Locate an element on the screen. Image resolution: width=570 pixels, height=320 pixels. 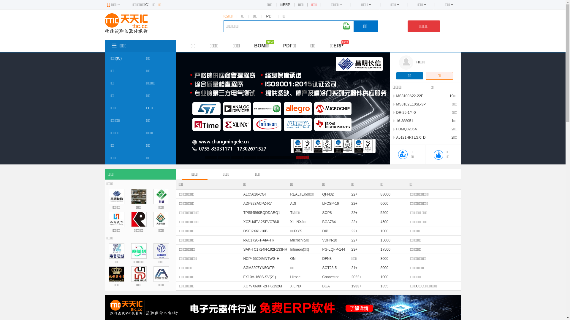
'LED' is located at coordinates (149, 108).